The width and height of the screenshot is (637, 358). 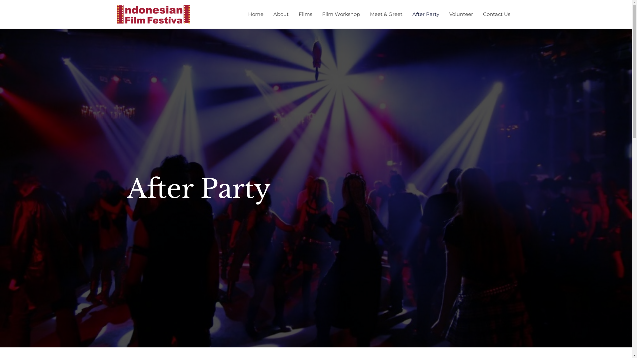 I want to click on 'Film Workshop', so click(x=317, y=14).